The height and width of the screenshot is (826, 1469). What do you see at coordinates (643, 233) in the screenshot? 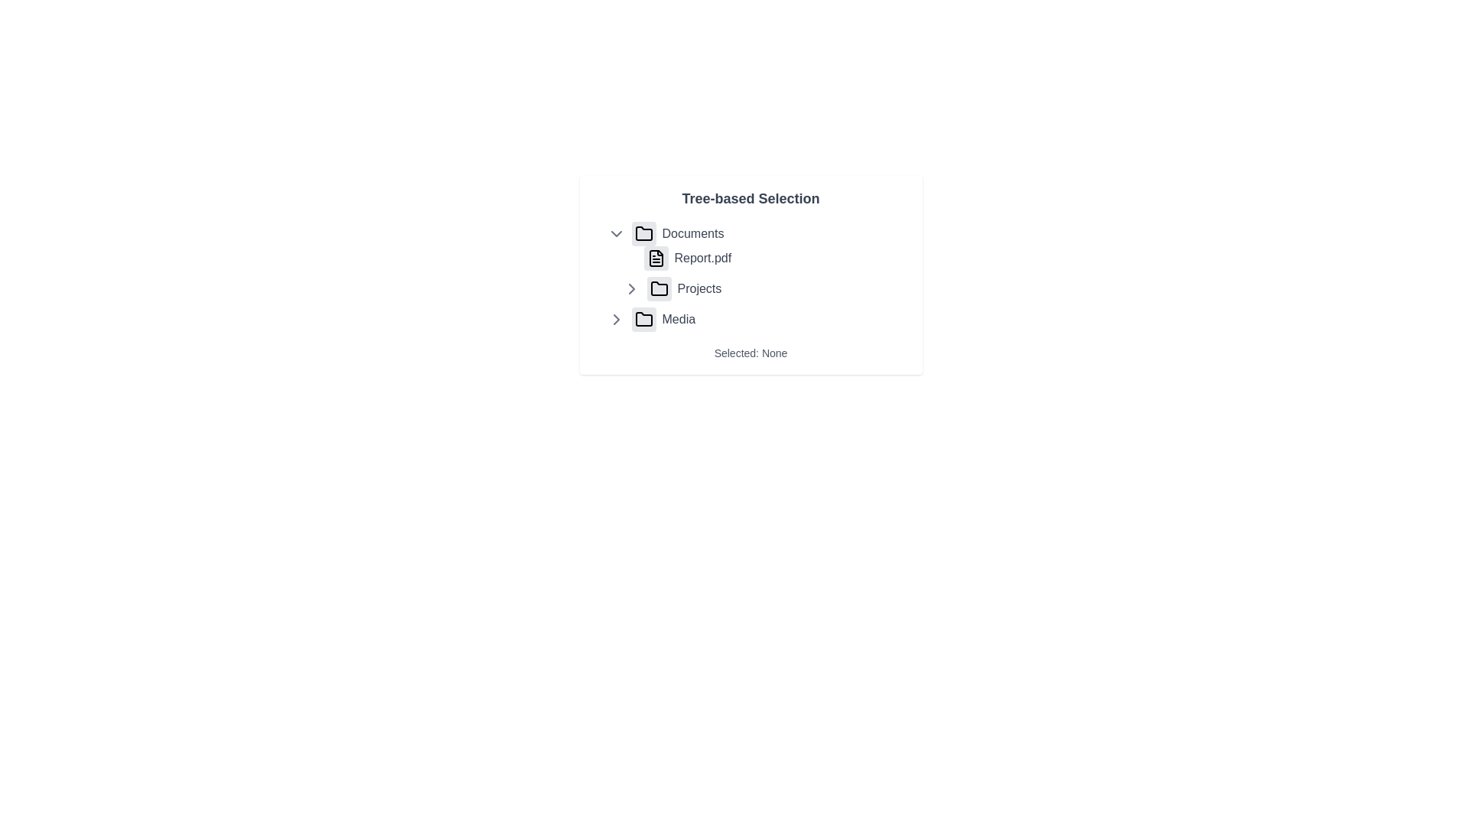
I see `the small square gray Icon button with a folder icon outlined in black, located to the left of the 'Documents' text` at bounding box center [643, 233].